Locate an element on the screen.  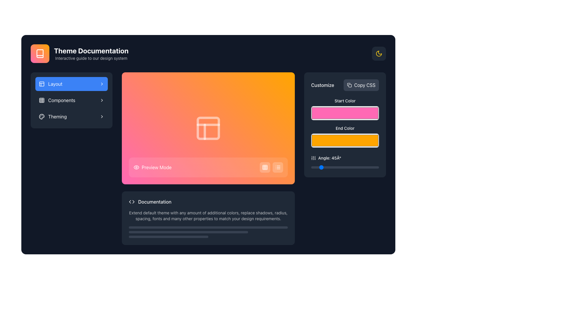
the 'Layout' menu item in the vertical navigation panel, which is the first item under the heading section and has an icon on the left and a chevron icon on the right is located at coordinates (55, 84).